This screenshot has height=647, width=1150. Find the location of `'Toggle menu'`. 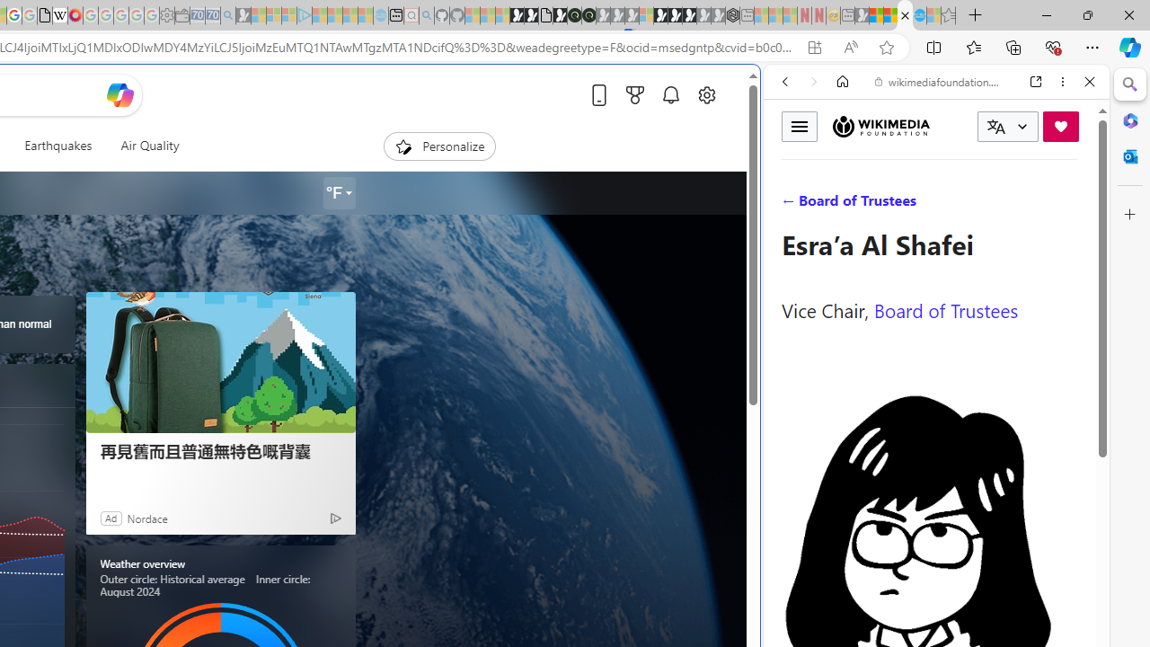

'Toggle menu' is located at coordinates (799, 125).